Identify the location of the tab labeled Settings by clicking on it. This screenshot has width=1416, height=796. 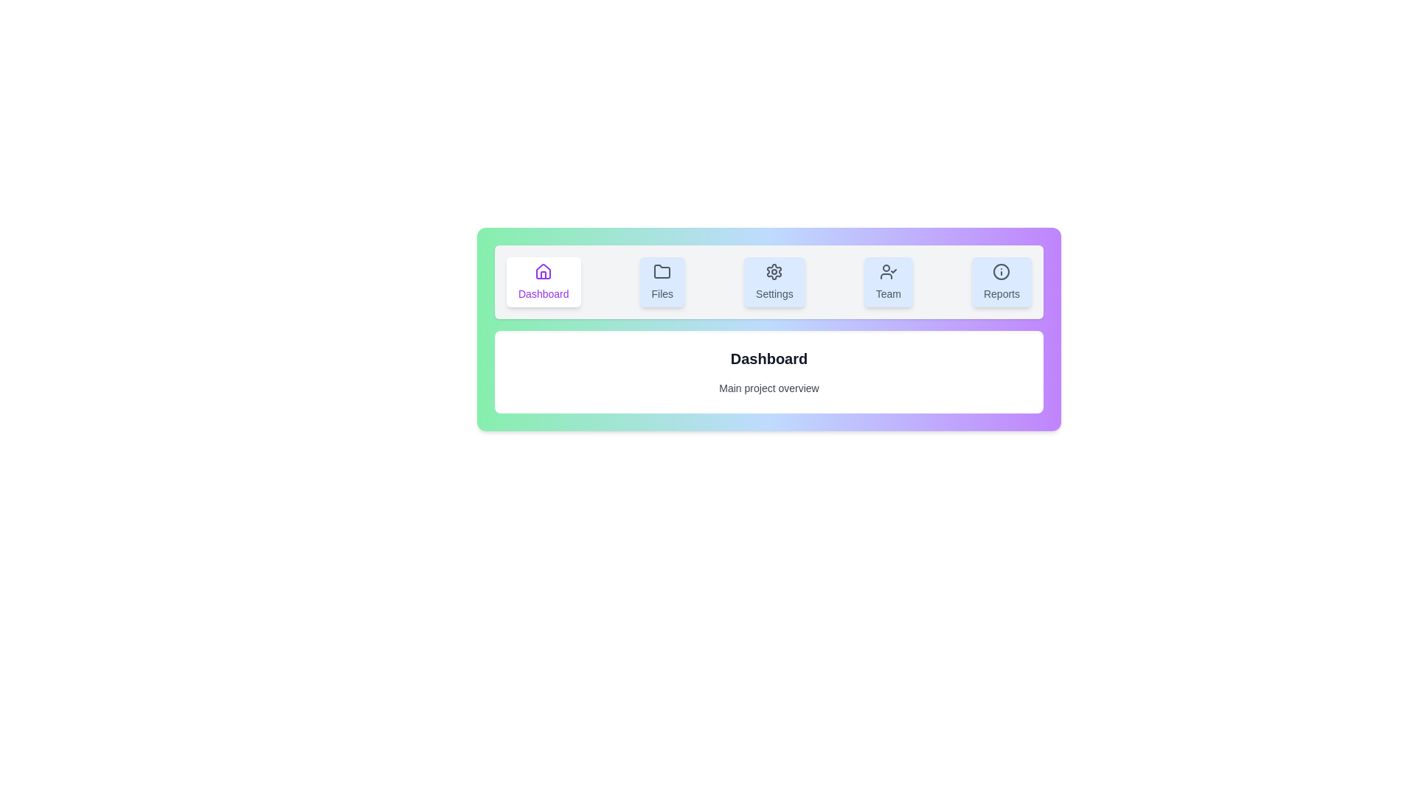
(774, 282).